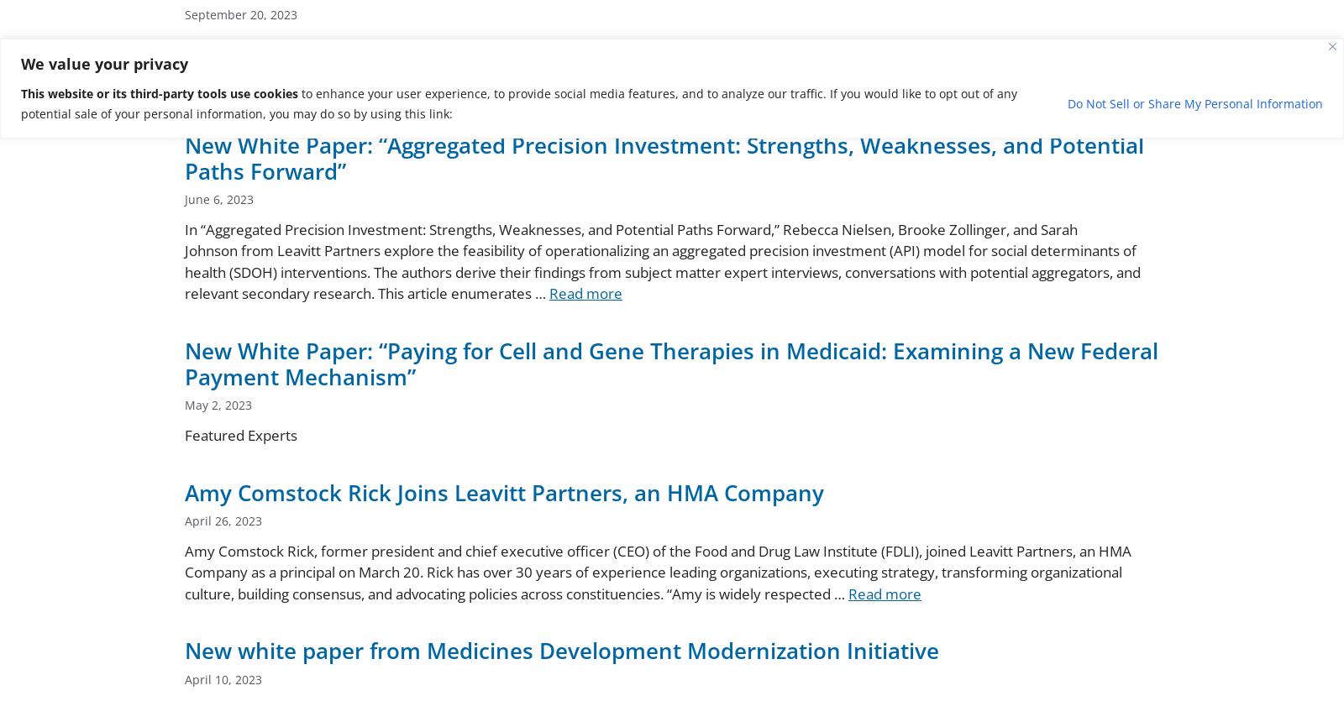 Image resolution: width=1344 pixels, height=701 pixels. What do you see at coordinates (518, 102) in the screenshot?
I see `'to enhance your user experience, to provide social media features, and to analyze our traffic. If you would like to opt out of any potential sale of your personal information, you may do so by using this link:'` at bounding box center [518, 102].